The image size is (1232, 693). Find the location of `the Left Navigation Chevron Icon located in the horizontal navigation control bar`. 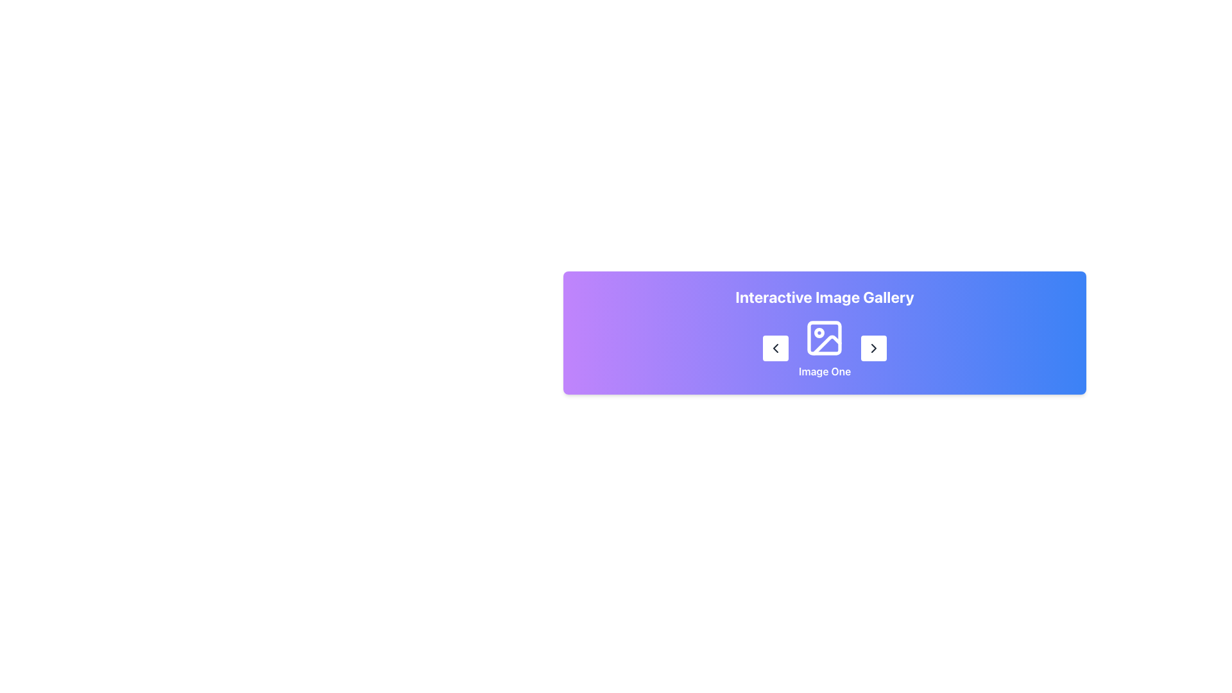

the Left Navigation Chevron Icon located in the horizontal navigation control bar is located at coordinates (774, 348).